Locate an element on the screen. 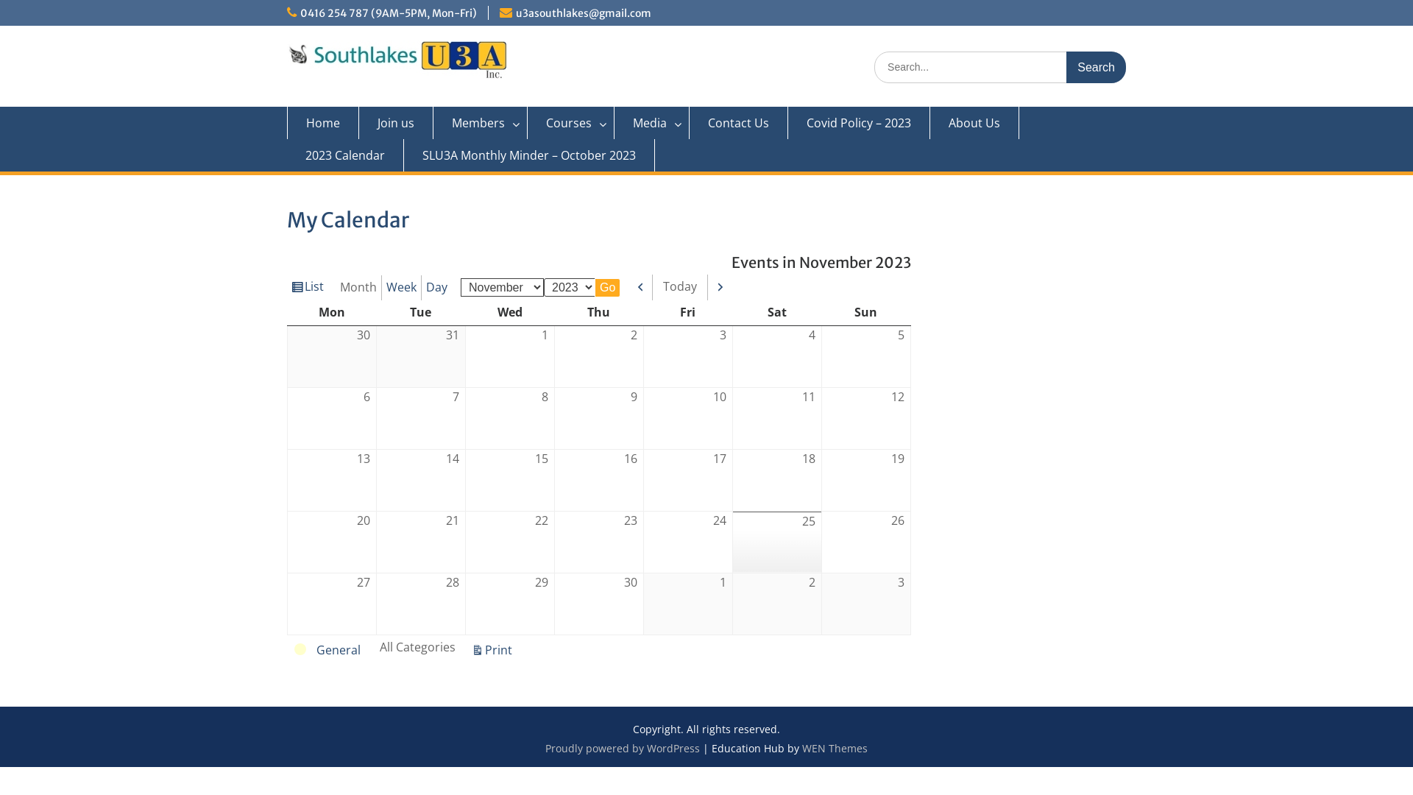 Image resolution: width=1413 pixels, height=795 pixels. '  General' is located at coordinates (327, 649).